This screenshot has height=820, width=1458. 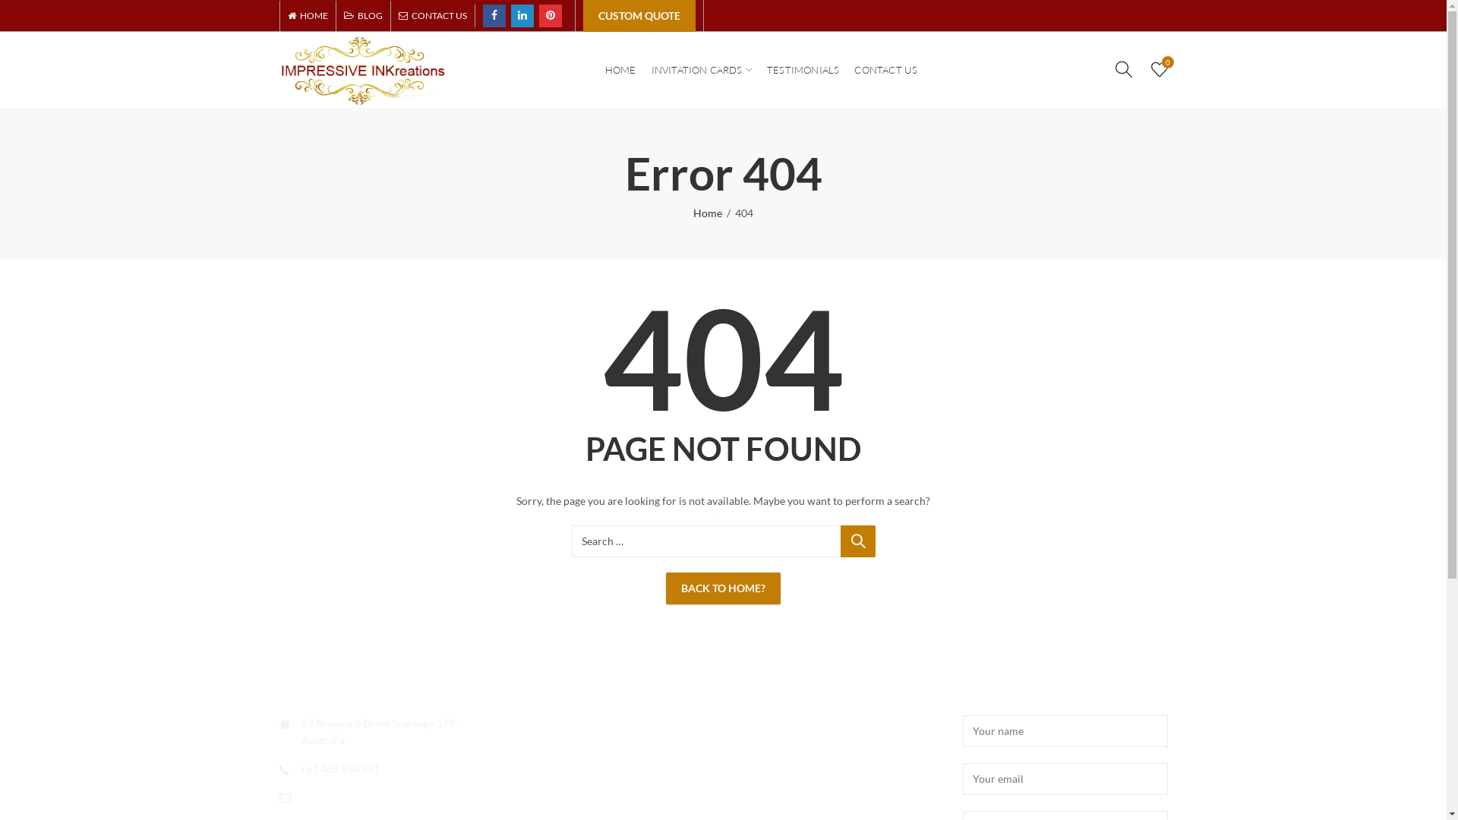 I want to click on 'BACK TO HOME?', so click(x=722, y=588).